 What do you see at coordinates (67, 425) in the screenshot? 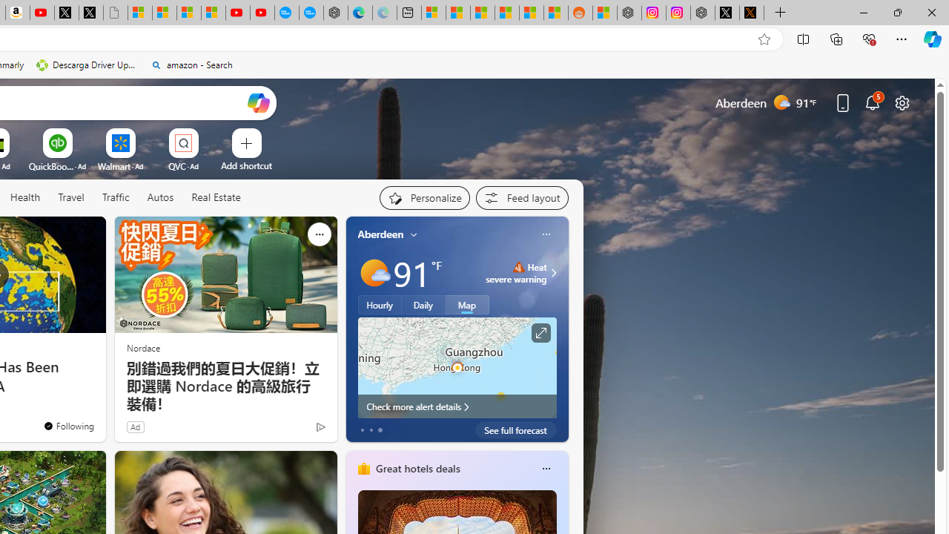
I see `'You'` at bounding box center [67, 425].